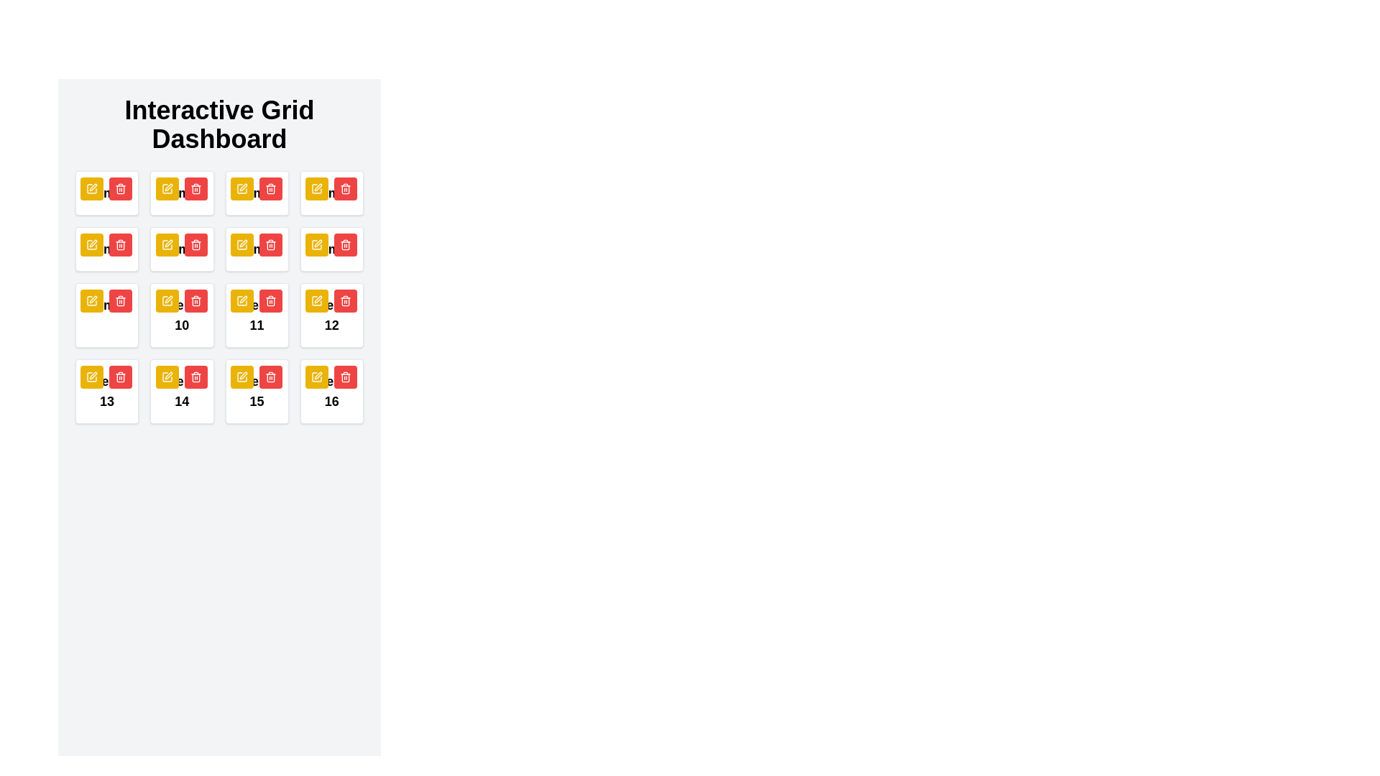  What do you see at coordinates (91, 188) in the screenshot?
I see `the edit action button located at the top-left of the first card in the grid on the dashboard interface` at bounding box center [91, 188].